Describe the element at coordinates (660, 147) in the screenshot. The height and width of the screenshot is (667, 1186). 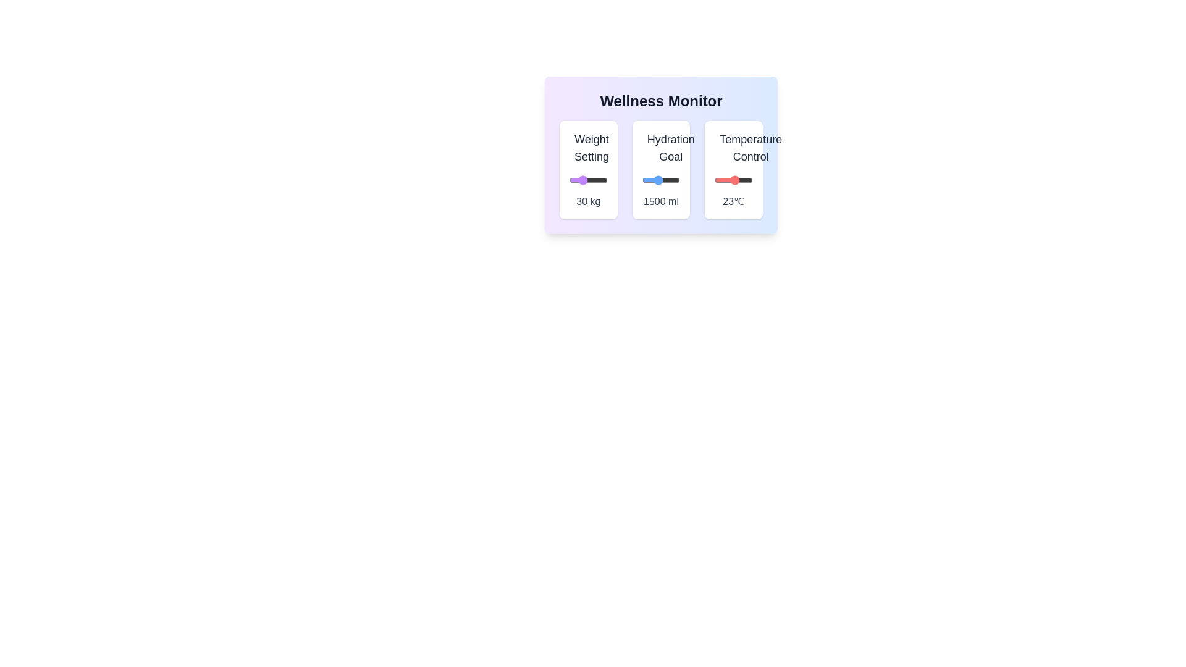
I see `the 'Hydration Goal' label which is styled in large, gray, medium-weight font and has a small blue droplet icon to its left` at that location.